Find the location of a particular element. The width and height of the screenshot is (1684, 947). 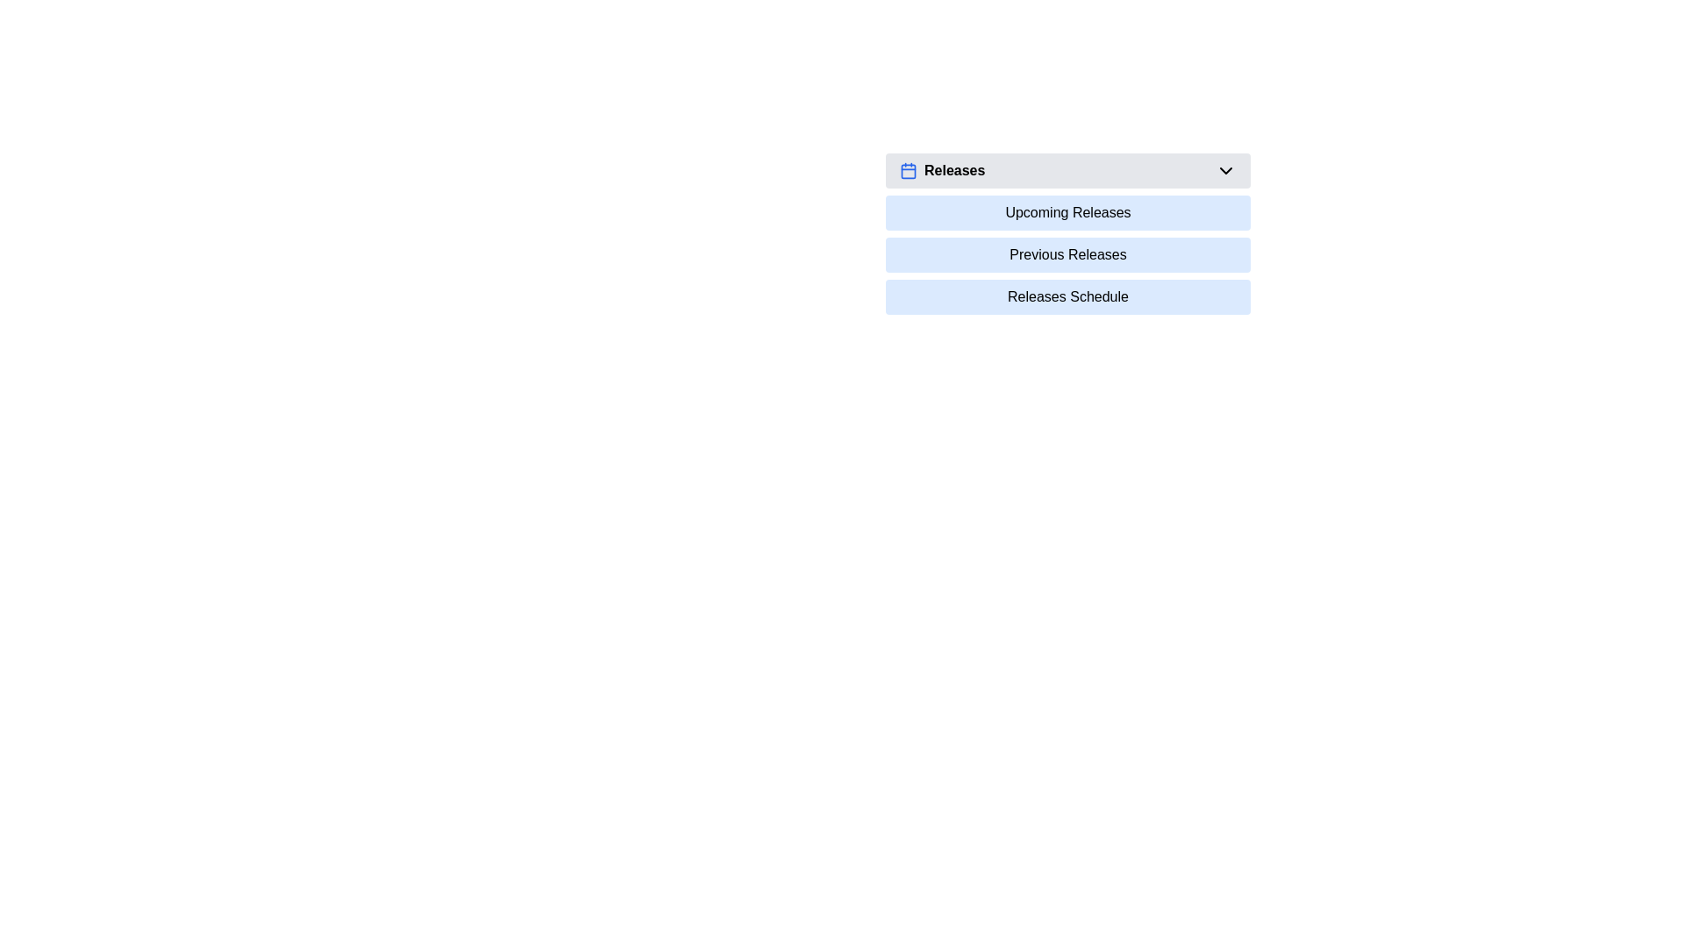

the rounded rectangle with a blue outline located within the calendar icon in the 'Releases' dropdown menu is located at coordinates (909, 171).